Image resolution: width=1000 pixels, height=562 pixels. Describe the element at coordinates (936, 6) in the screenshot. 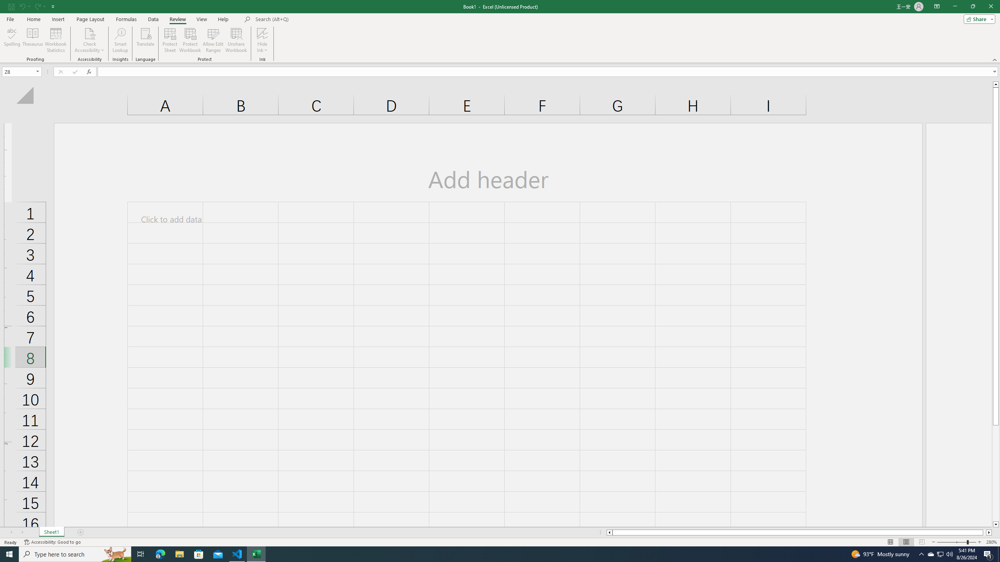

I see `'Ribbon Display Options'` at that location.